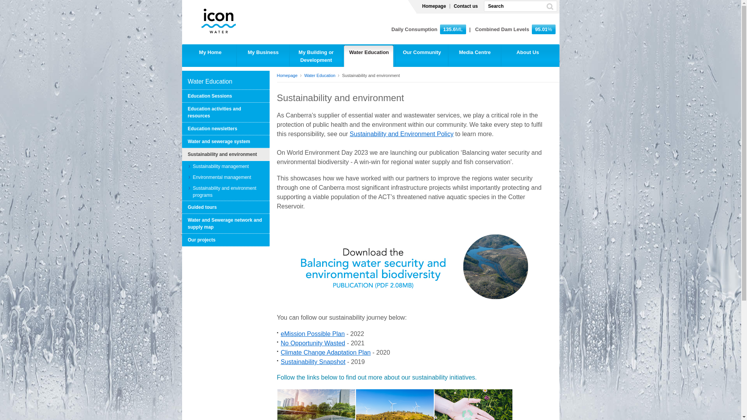 Image resolution: width=747 pixels, height=420 pixels. What do you see at coordinates (291, 56) in the screenshot?
I see `'My Building or Development'` at bounding box center [291, 56].